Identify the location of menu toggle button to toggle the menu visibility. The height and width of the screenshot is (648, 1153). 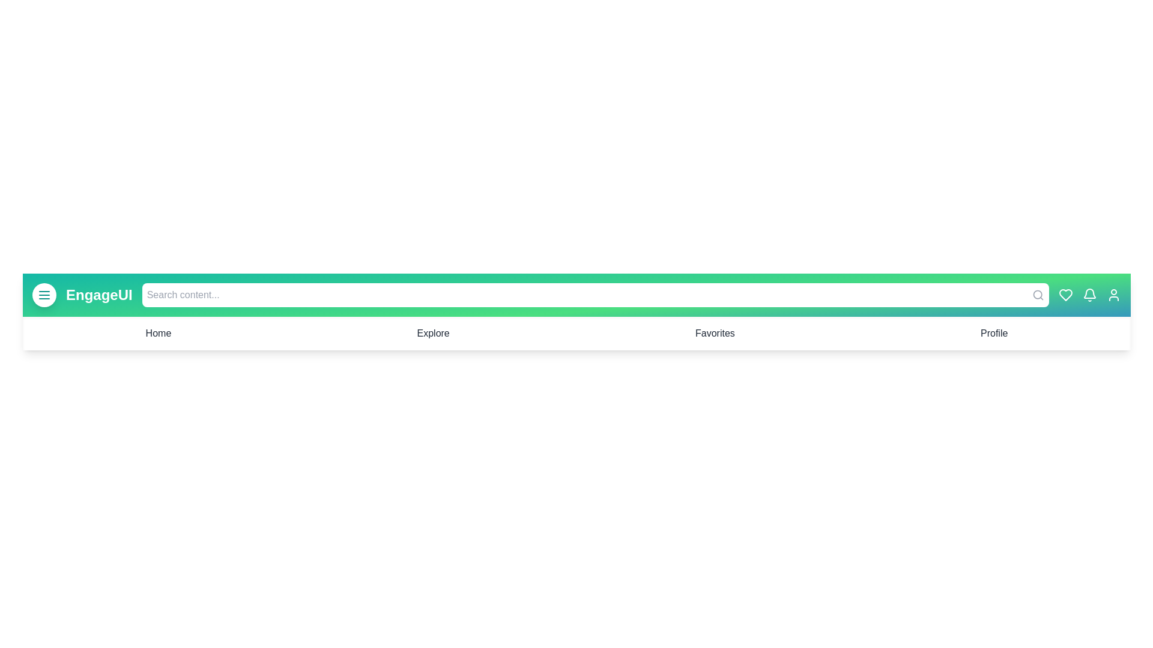
(44, 295).